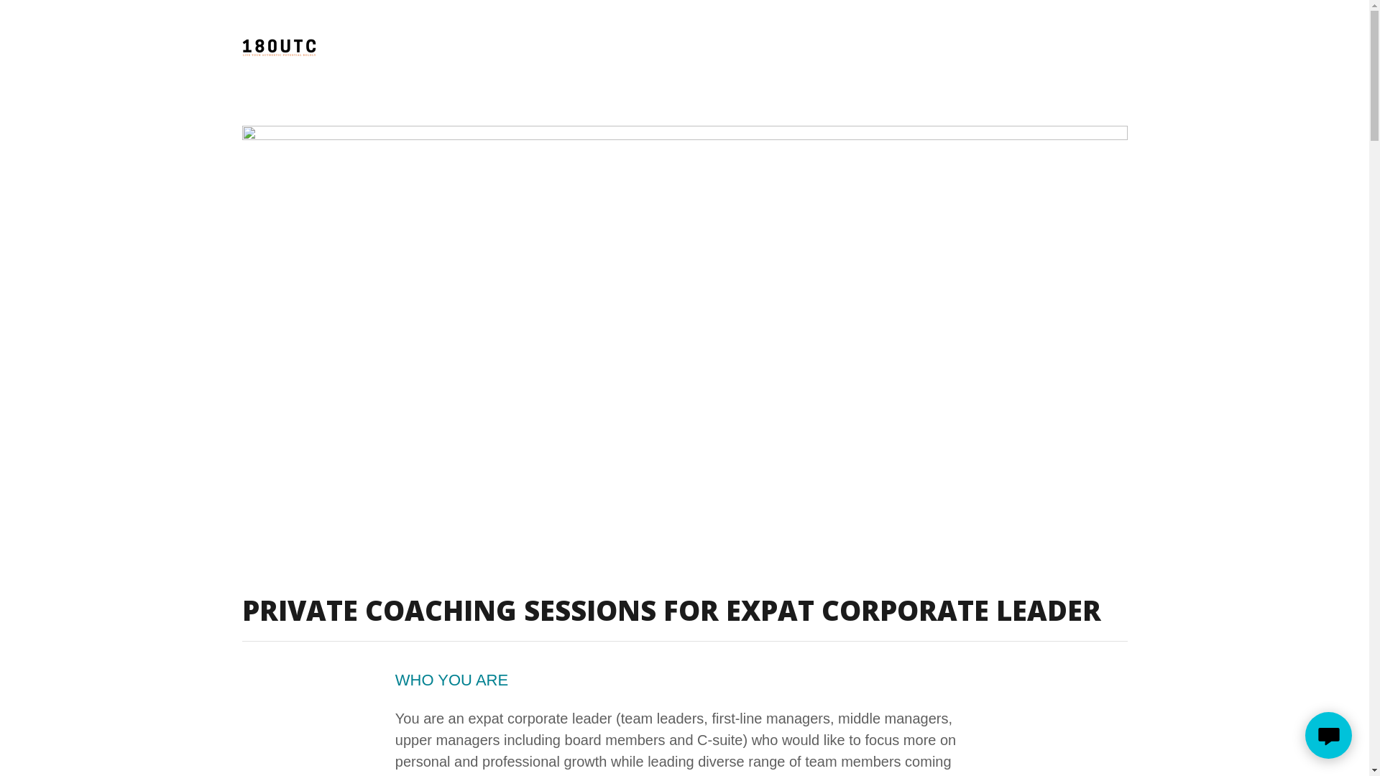  I want to click on '180UTC', so click(278, 47).